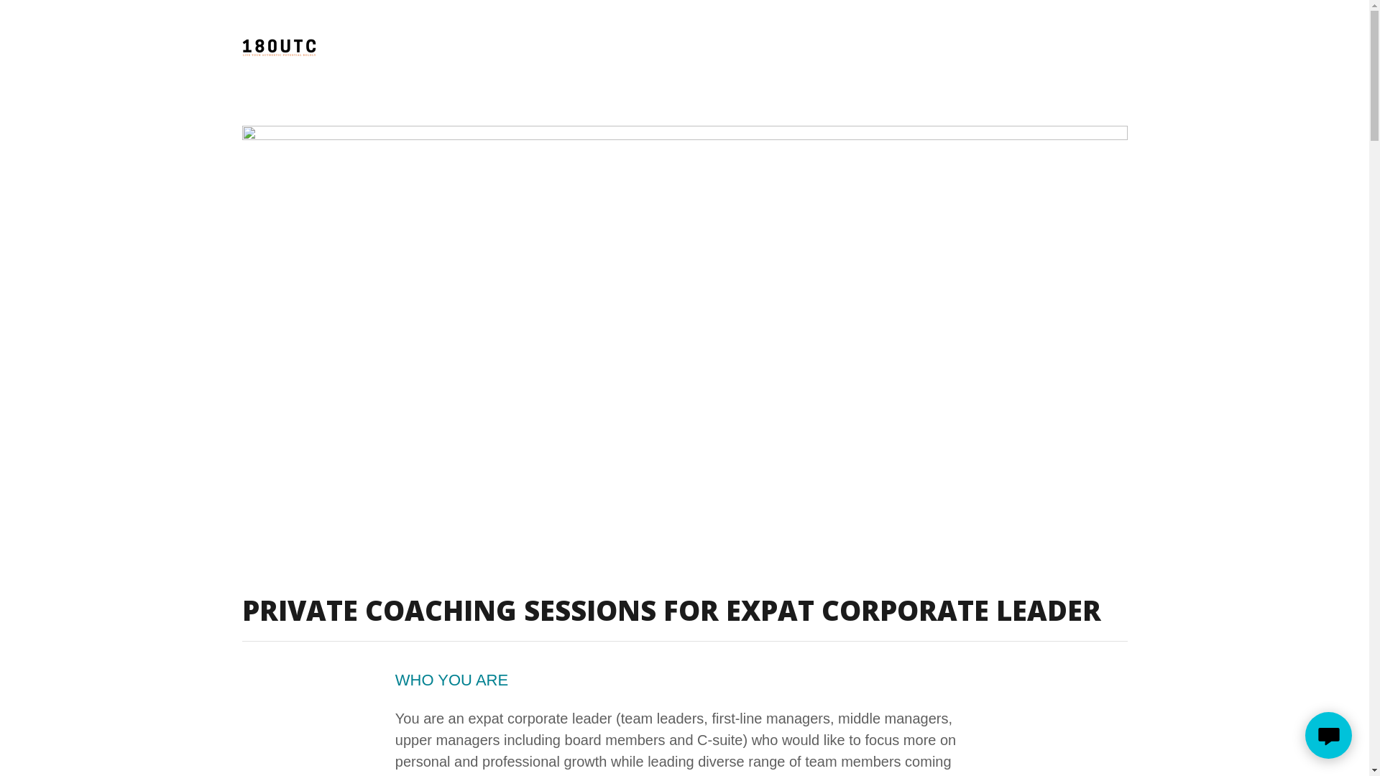  I want to click on '180UTC', so click(278, 47).